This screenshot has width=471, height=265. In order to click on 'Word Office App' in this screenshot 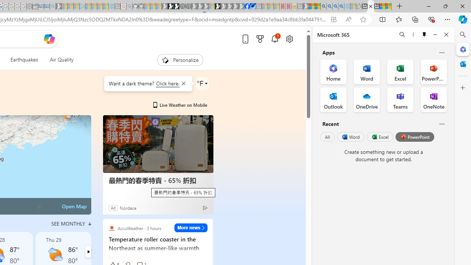, I will do `click(367, 72)`.